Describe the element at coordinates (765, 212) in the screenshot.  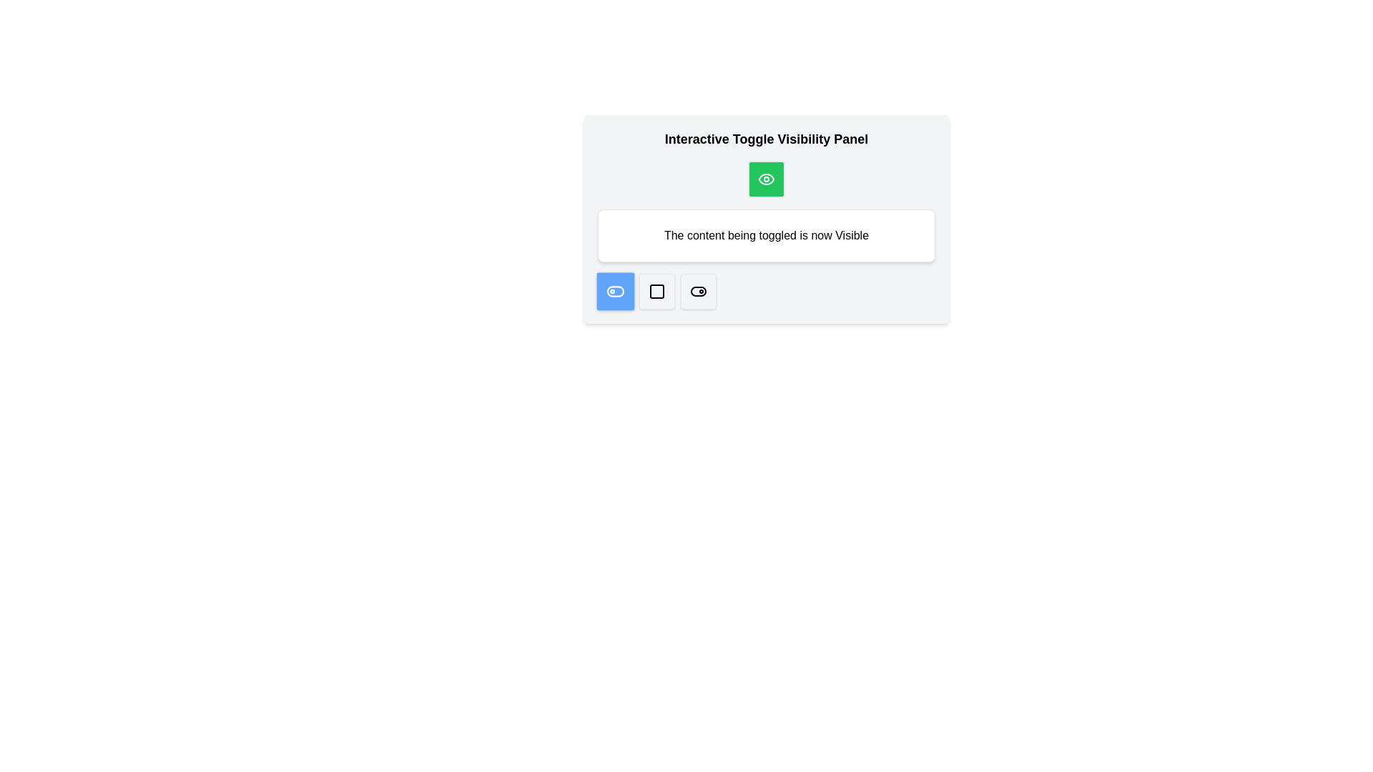
I see `the message panel displaying 'The content being toggled is now Visible', which has a white background and rounded corners` at that location.